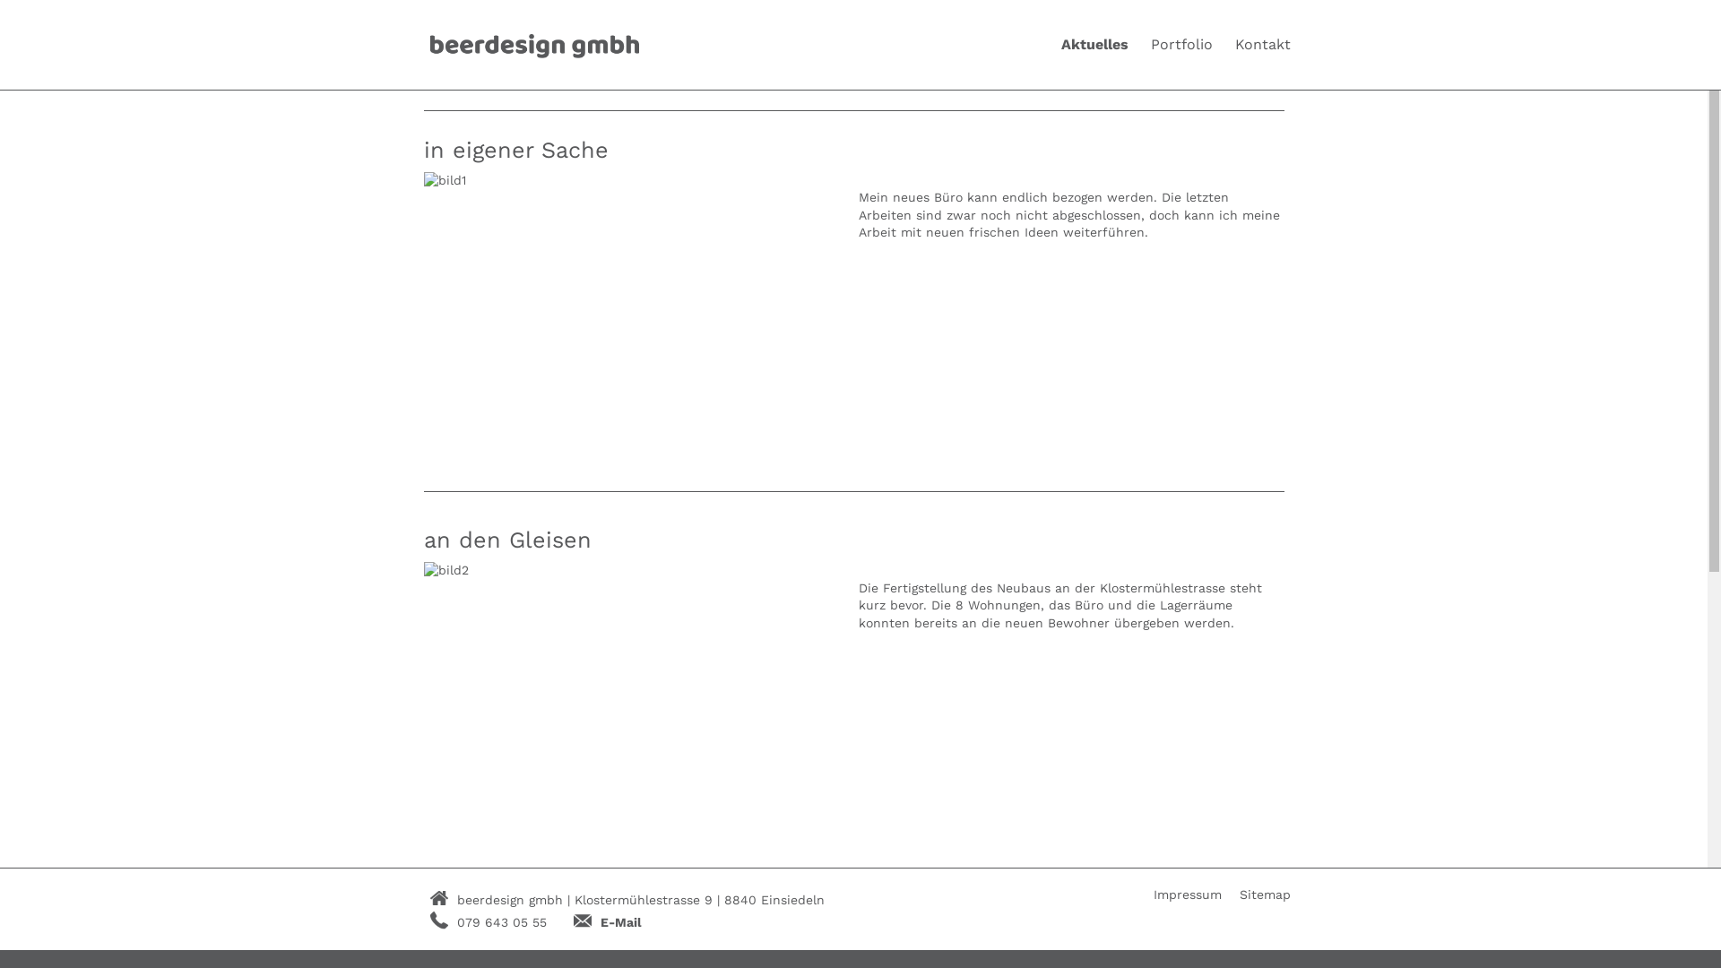 The width and height of the screenshot is (1721, 968). What do you see at coordinates (506, 539) in the screenshot?
I see `'an den Gleisen'` at bounding box center [506, 539].